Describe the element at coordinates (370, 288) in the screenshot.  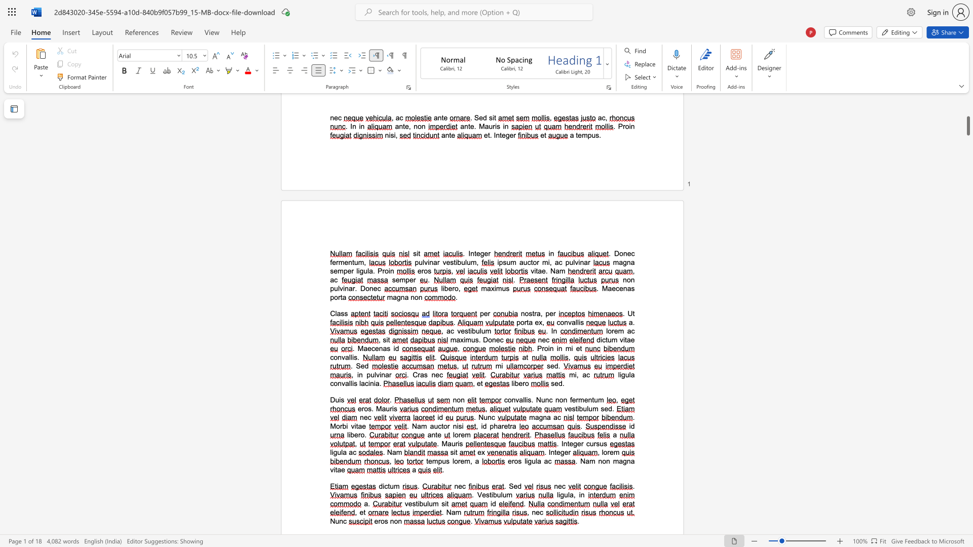
I see `the 4th character "n" in the text` at that location.